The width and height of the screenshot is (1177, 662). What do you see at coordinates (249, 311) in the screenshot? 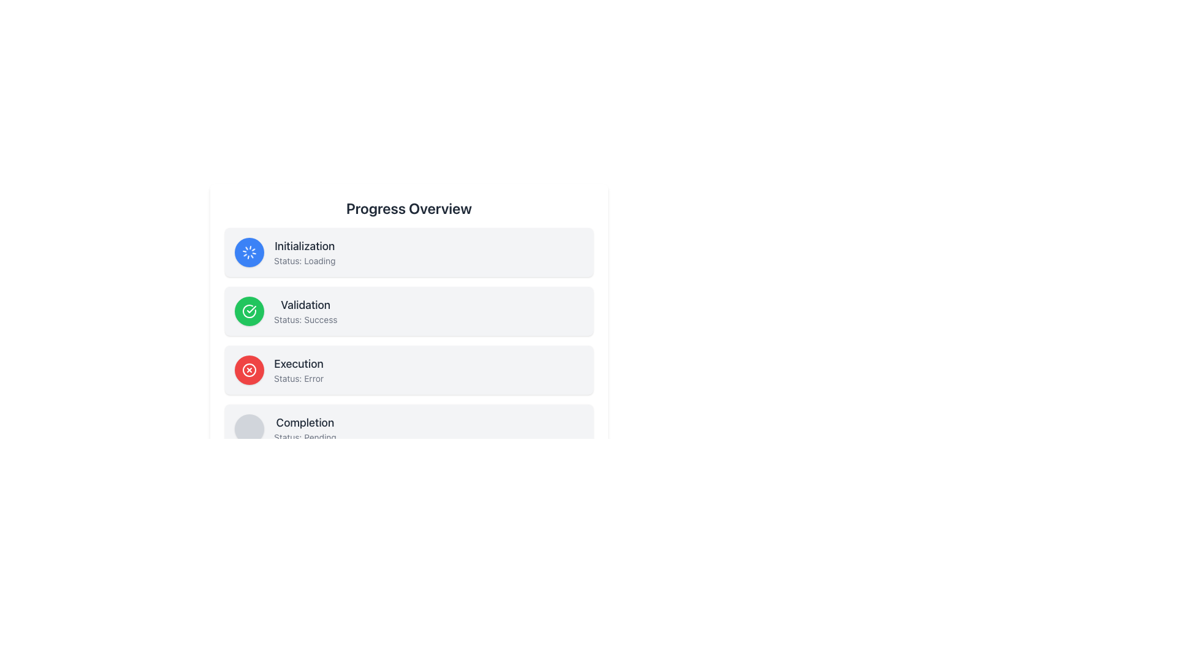
I see `the green status indicator icon with a checkmark symbol located to the left of the text components in the 'Validation' status section` at bounding box center [249, 311].